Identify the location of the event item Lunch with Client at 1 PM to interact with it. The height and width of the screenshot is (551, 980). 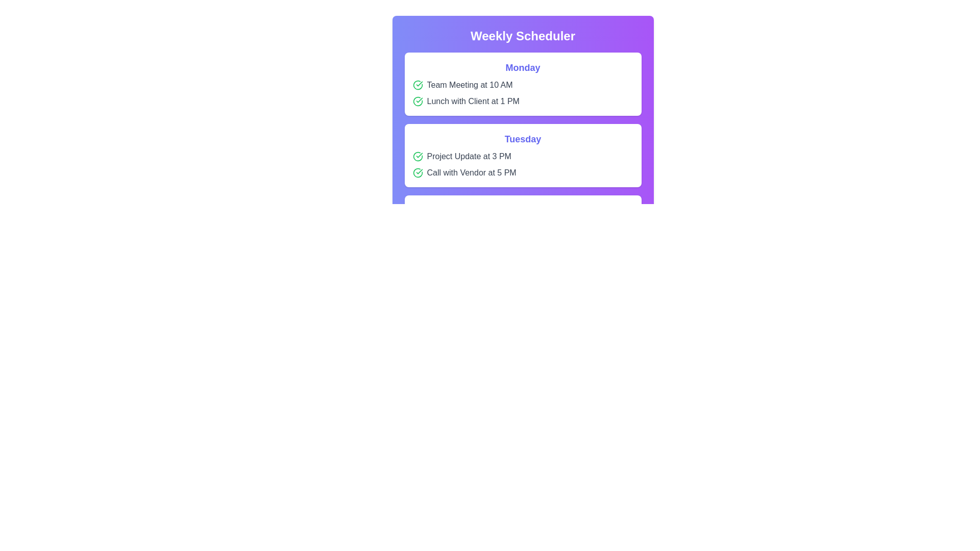
(523, 102).